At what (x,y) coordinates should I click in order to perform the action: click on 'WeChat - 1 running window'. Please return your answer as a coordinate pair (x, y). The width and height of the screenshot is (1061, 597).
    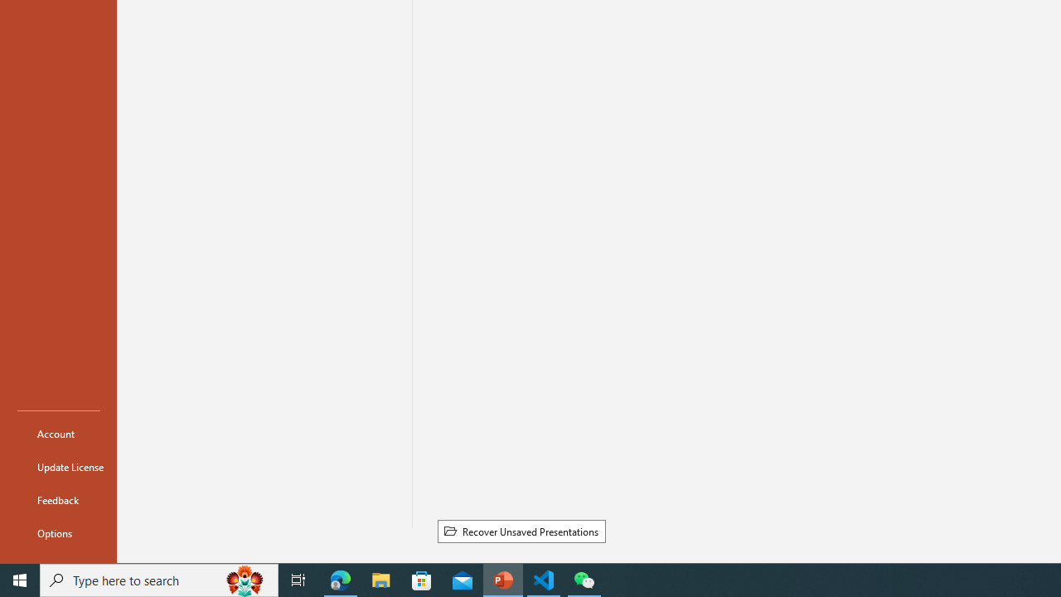
    Looking at the image, I should click on (584, 579).